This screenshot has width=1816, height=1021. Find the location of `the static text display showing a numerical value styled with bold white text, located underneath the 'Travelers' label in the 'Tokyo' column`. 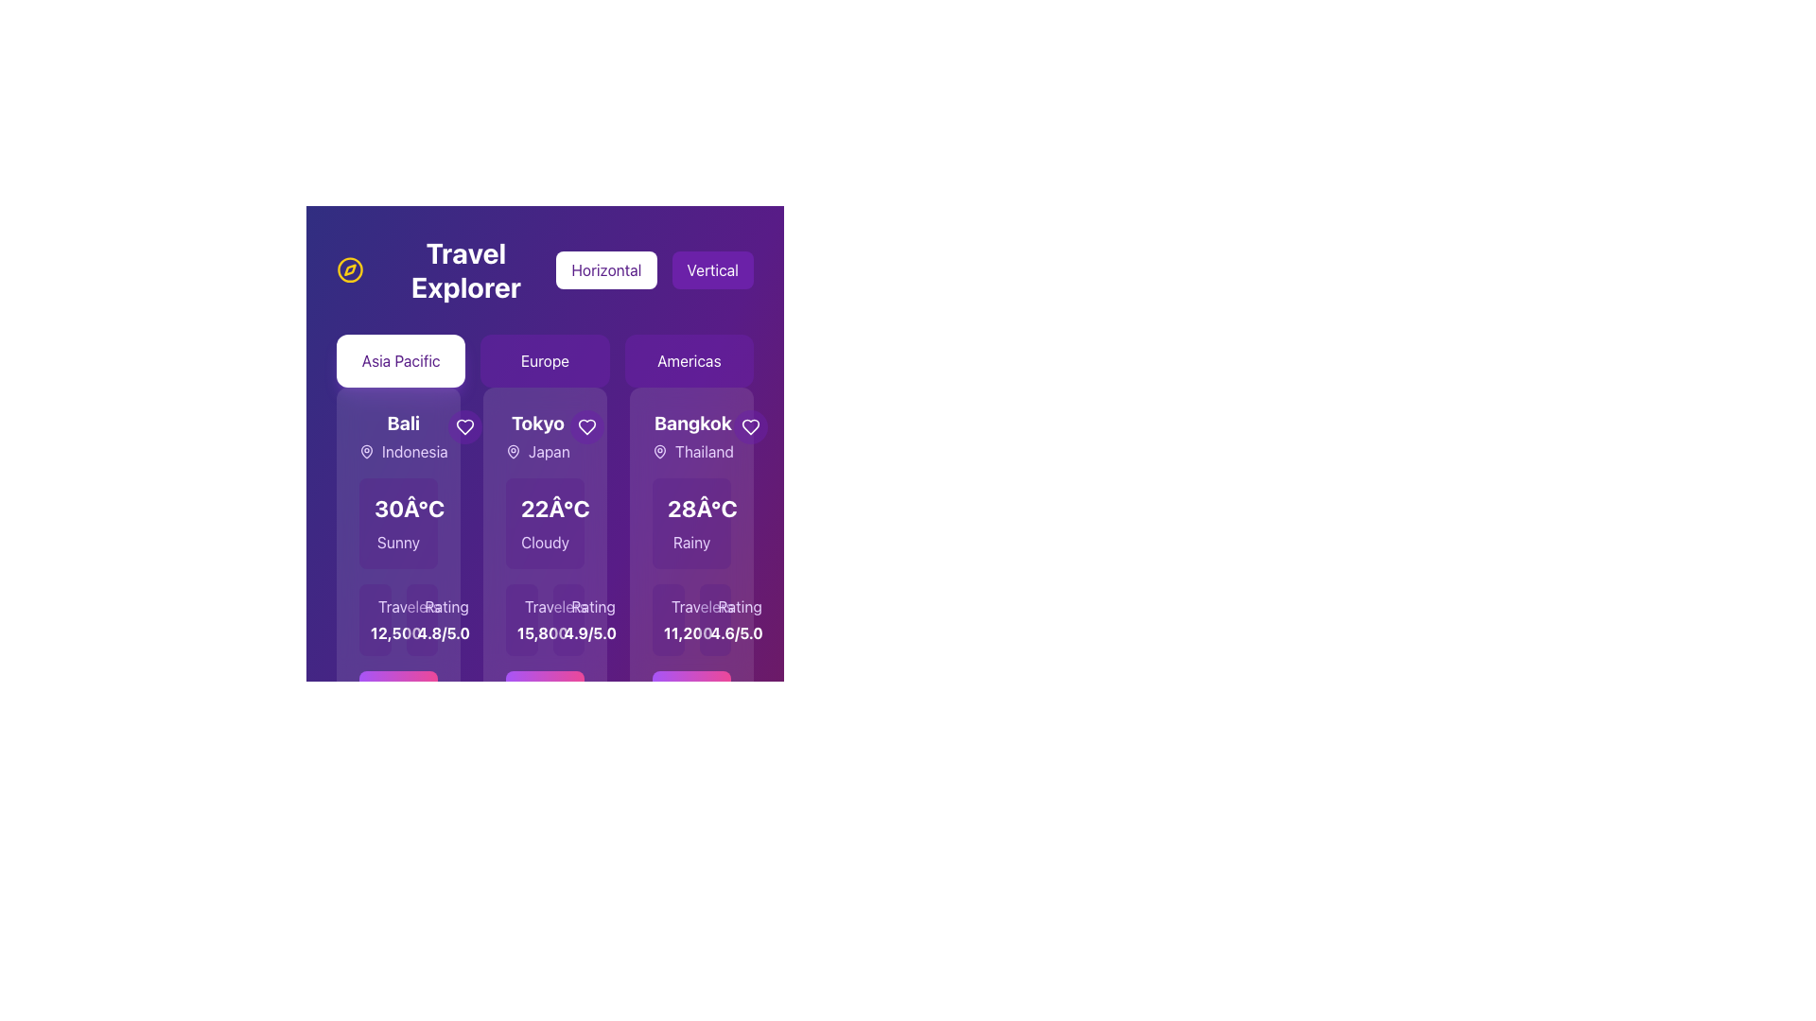

the static text display showing a numerical value styled with bold white text, located underneath the 'Travelers' label in the 'Tokyo' column is located at coordinates (521, 633).